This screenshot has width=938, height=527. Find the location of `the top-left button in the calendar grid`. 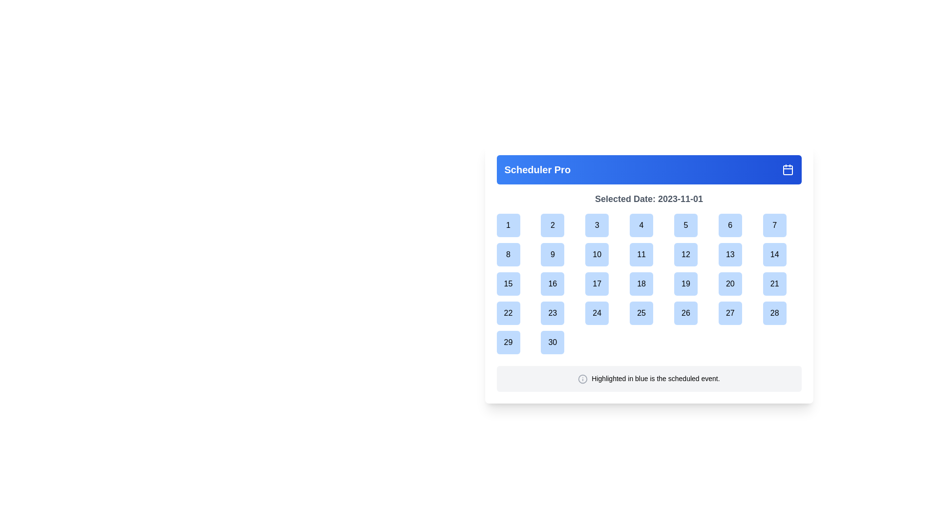

the top-left button in the calendar grid is located at coordinates (508, 225).